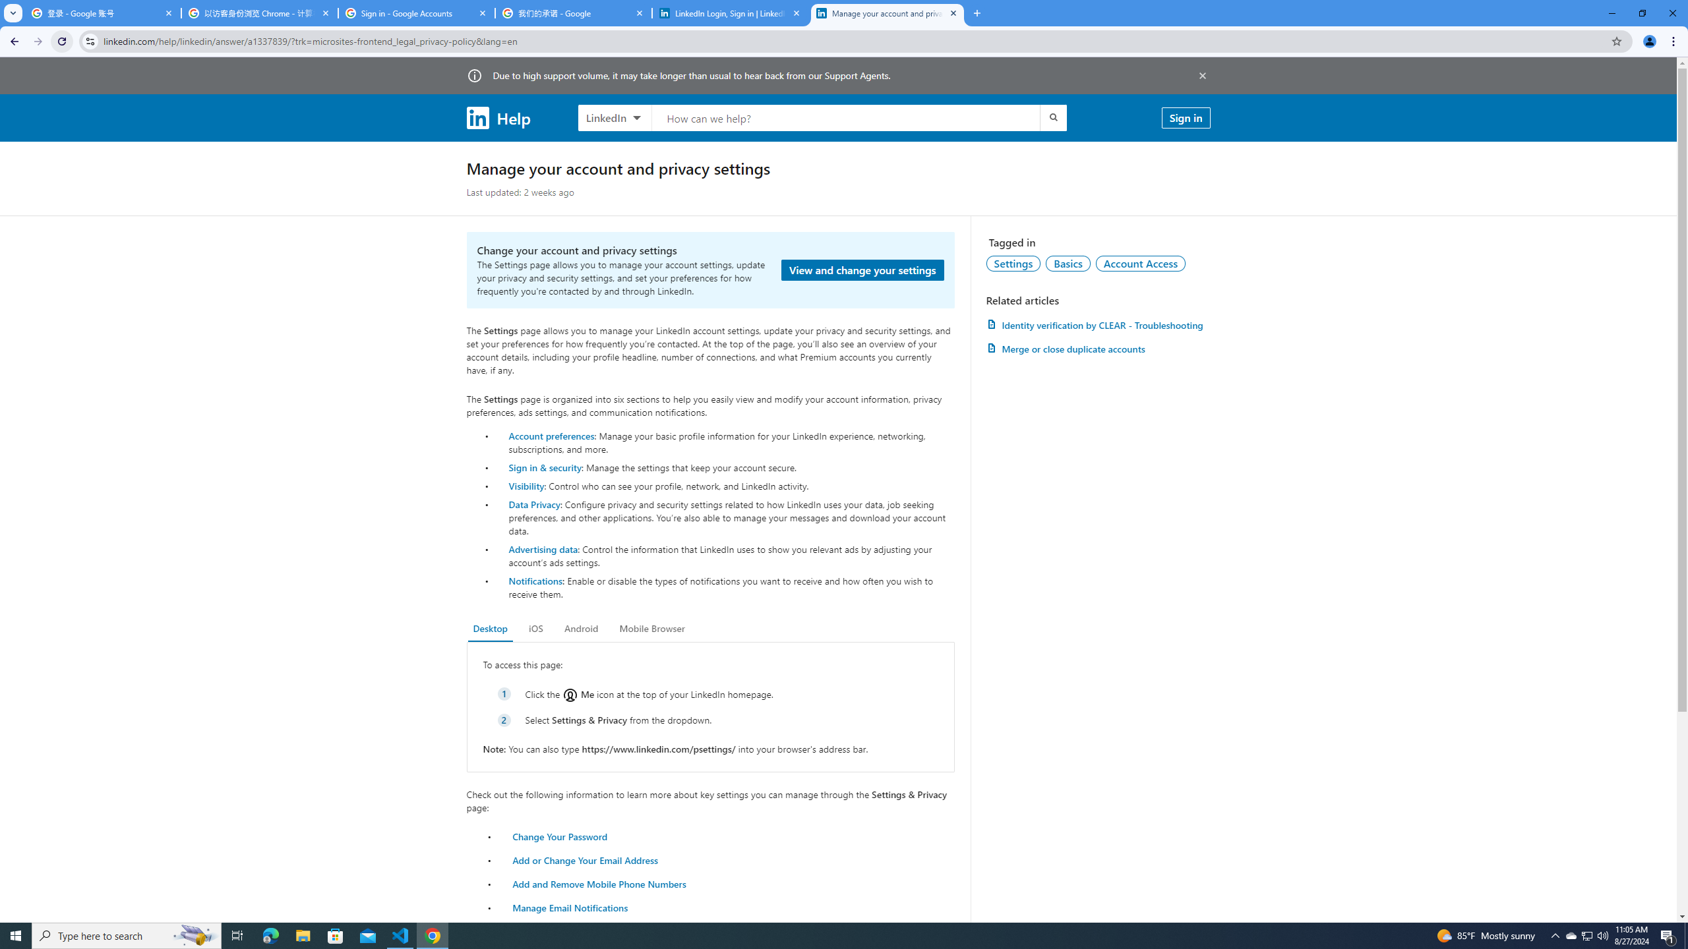  Describe the element at coordinates (534, 503) in the screenshot. I see `'Data Privacy'` at that location.